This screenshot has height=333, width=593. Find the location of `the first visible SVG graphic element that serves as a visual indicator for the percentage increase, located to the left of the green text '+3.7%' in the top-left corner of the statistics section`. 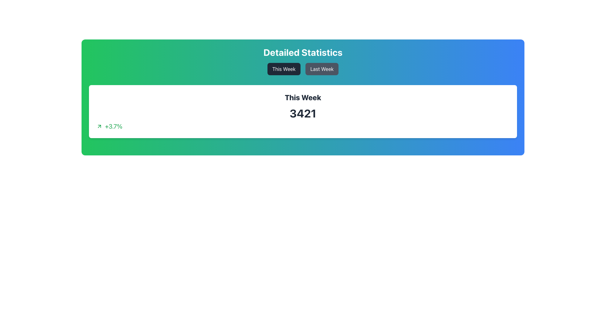

the first visible SVG graphic element that serves as a visual indicator for the percentage increase, located to the left of the green text '+3.7%' in the top-left corner of the statistics section is located at coordinates (99, 126).